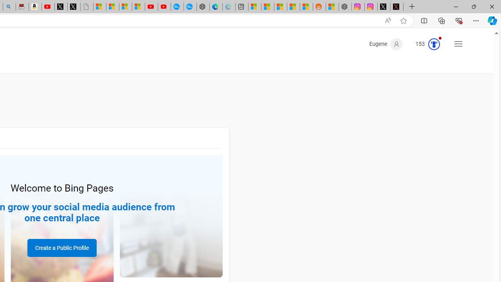 The height and width of the screenshot is (282, 501). Describe the element at coordinates (434, 44) in the screenshot. I see `'Class: medal-circled'` at that location.